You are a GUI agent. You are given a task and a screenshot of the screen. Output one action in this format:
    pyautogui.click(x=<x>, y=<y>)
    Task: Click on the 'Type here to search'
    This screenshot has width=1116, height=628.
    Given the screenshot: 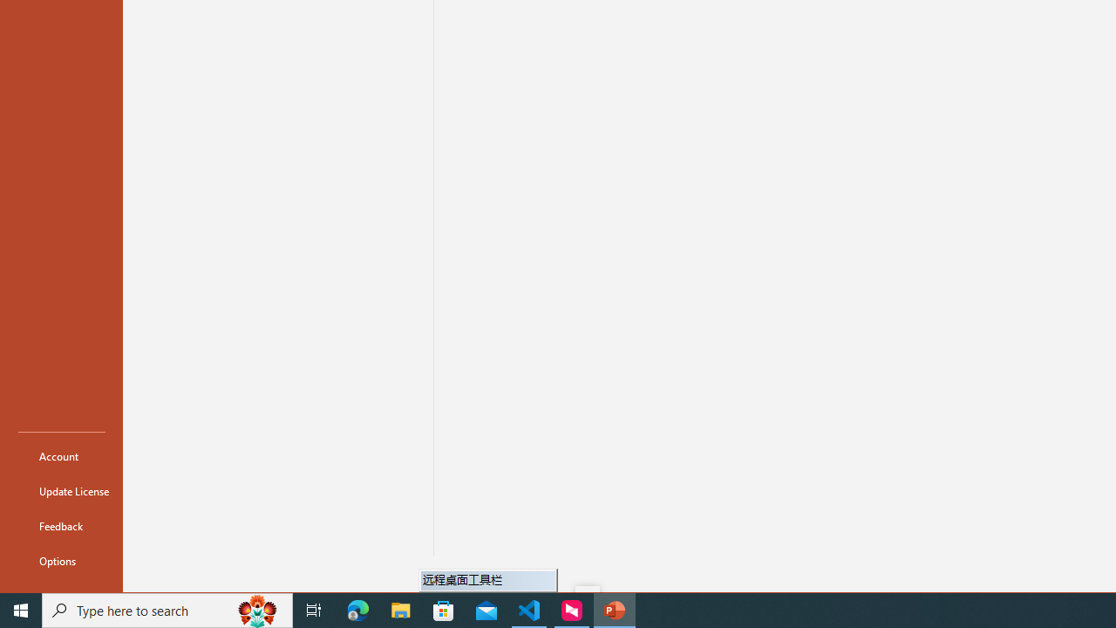 What is the action you would take?
    pyautogui.click(x=167, y=609)
    